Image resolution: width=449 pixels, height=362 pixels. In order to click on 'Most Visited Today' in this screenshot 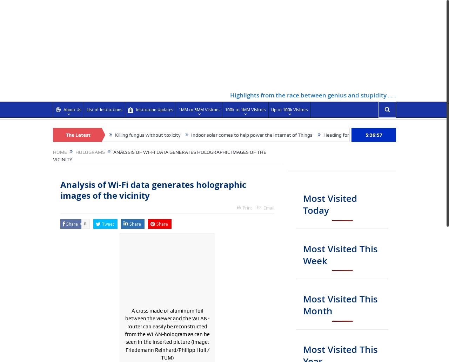, I will do `click(330, 204)`.